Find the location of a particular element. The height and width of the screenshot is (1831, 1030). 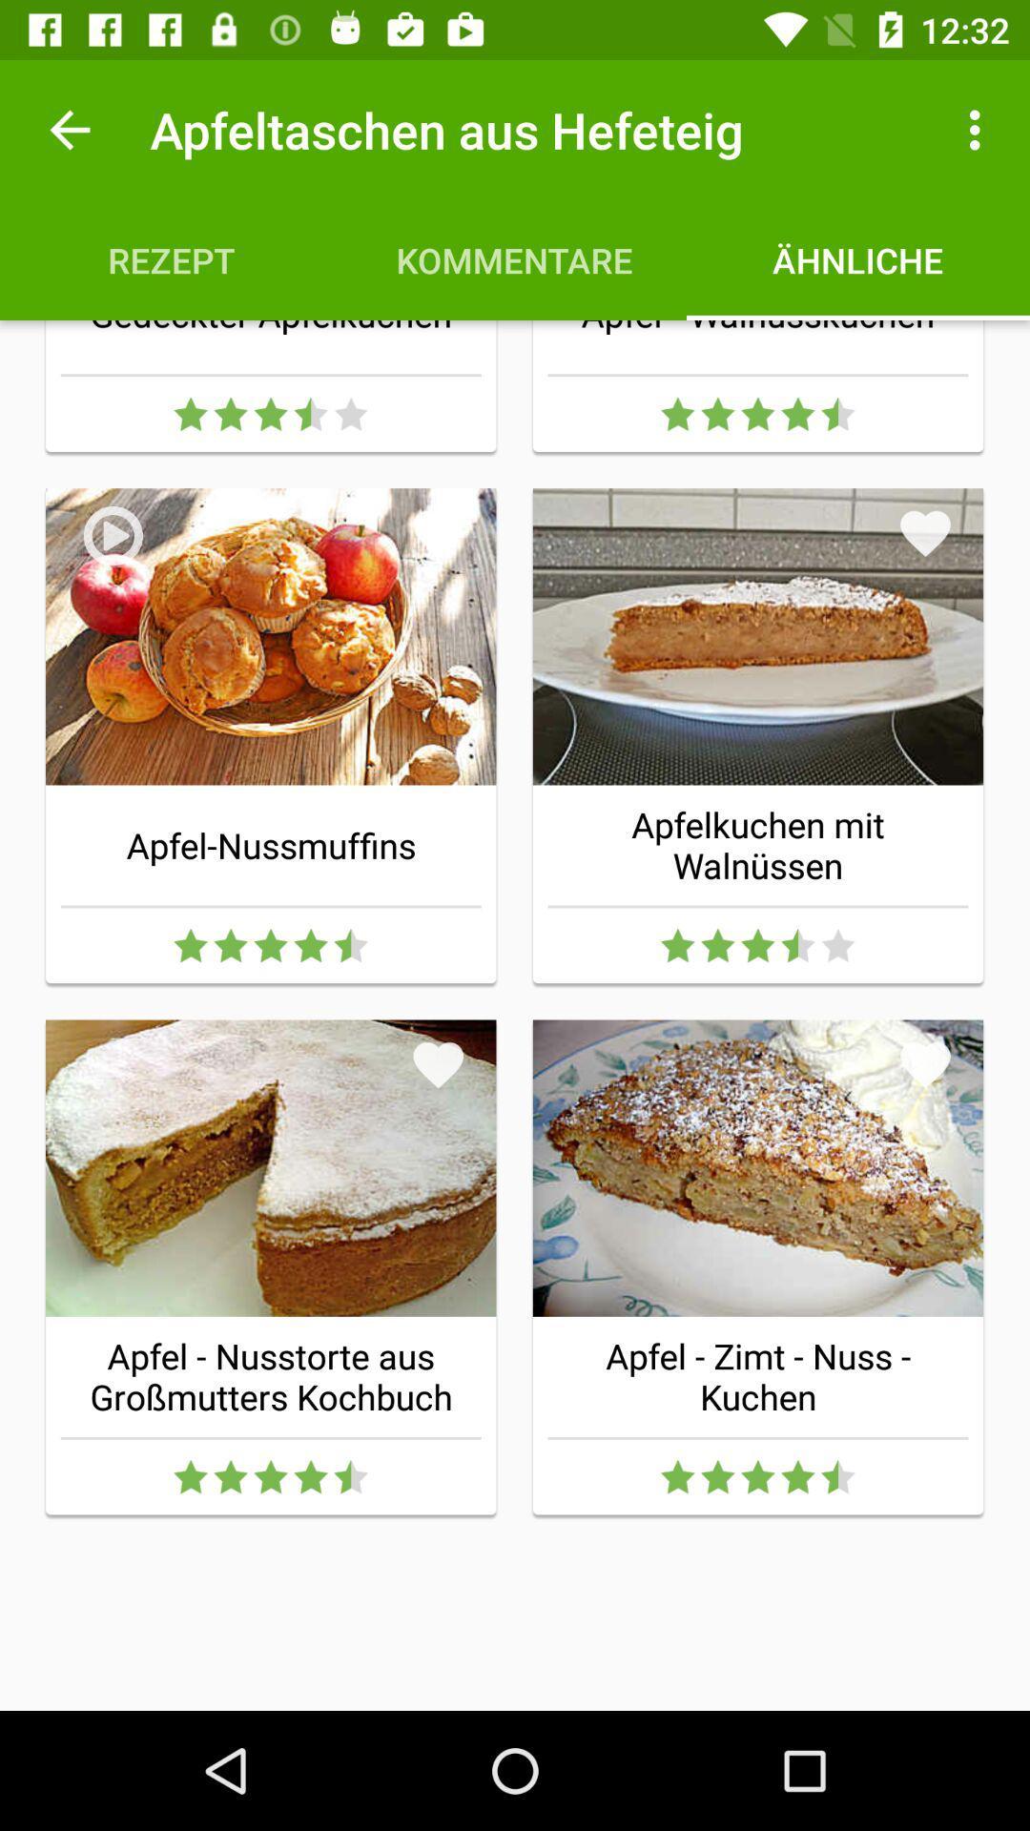

the item above the rezept icon is located at coordinates (69, 129).